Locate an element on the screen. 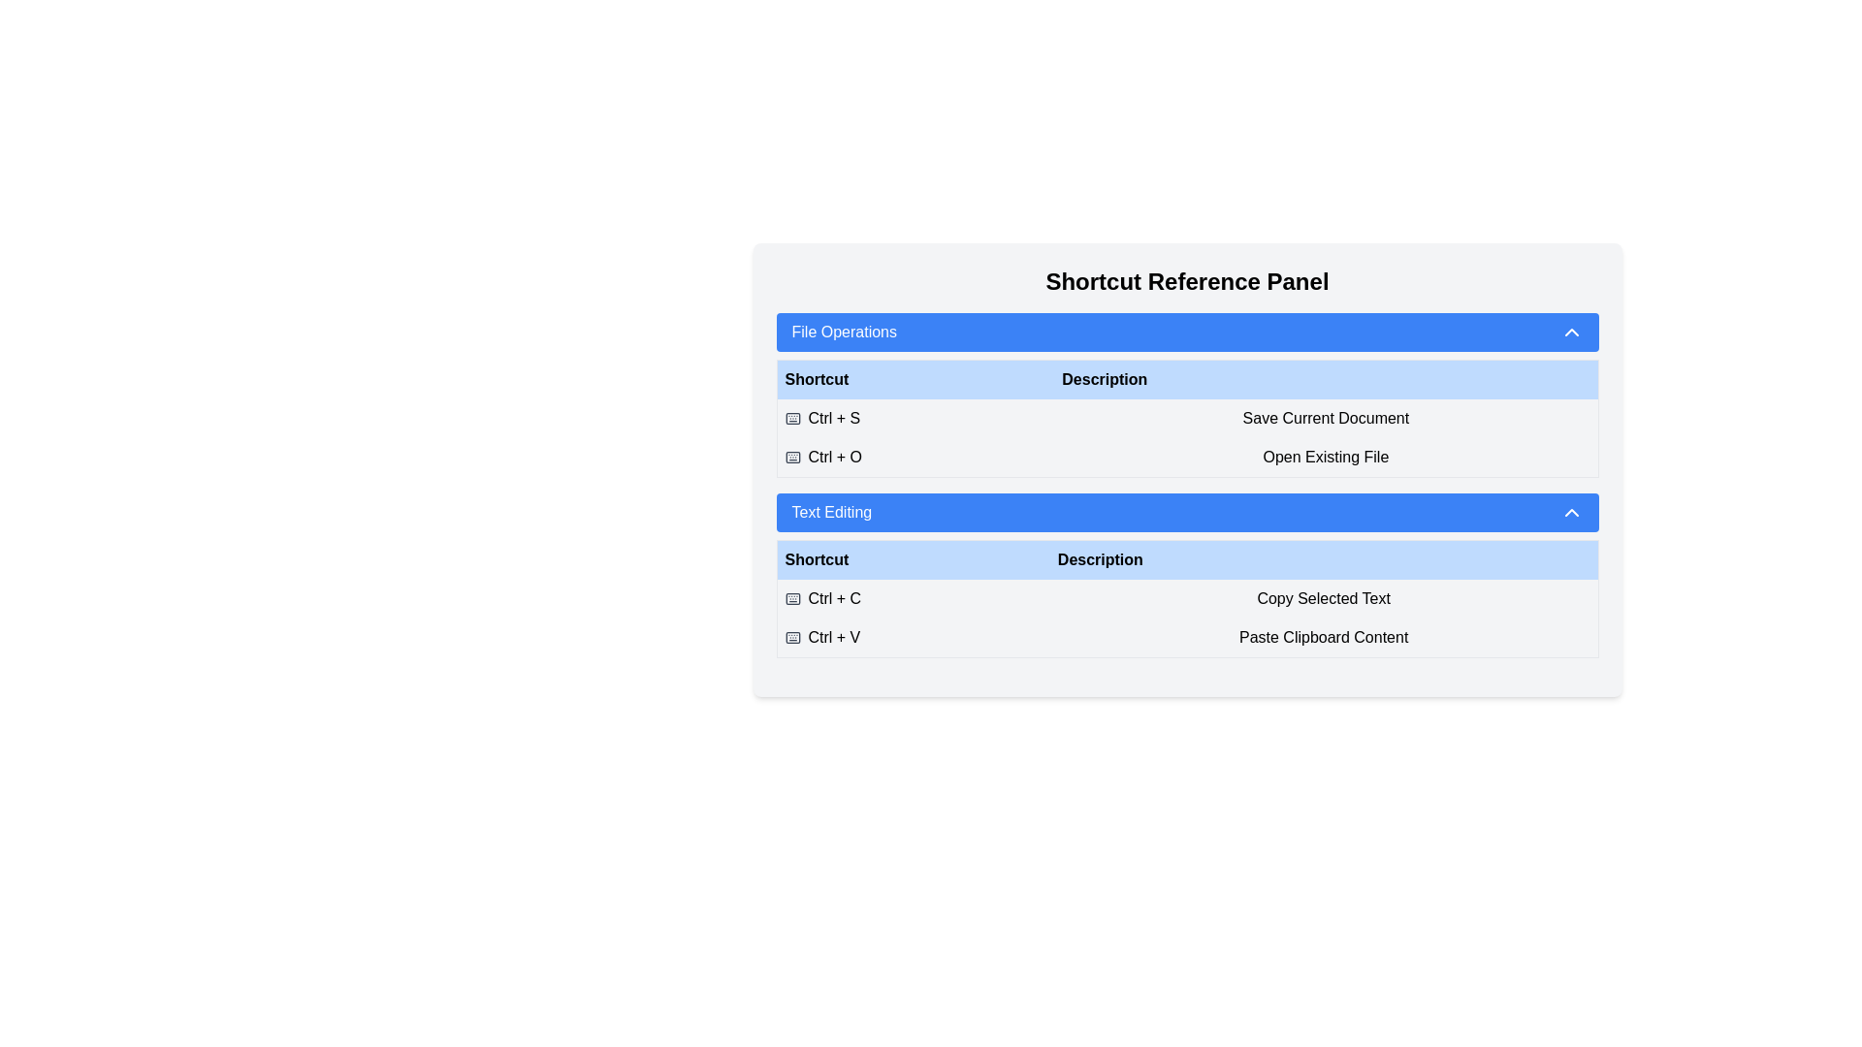 Image resolution: width=1862 pixels, height=1047 pixels. the informational panel displaying shortcut keys and their descriptions, which is located under the 'File Operations' header and above the 'Text Editing' header is located at coordinates (1186, 395).